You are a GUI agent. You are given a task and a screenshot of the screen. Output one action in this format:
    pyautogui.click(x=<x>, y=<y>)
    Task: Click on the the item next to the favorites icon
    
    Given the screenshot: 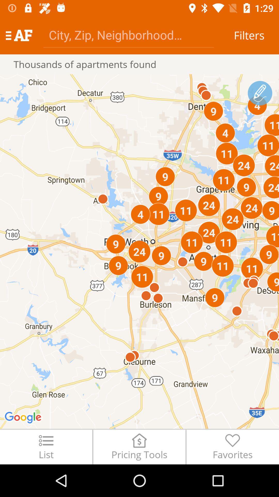 What is the action you would take?
    pyautogui.click(x=139, y=447)
    